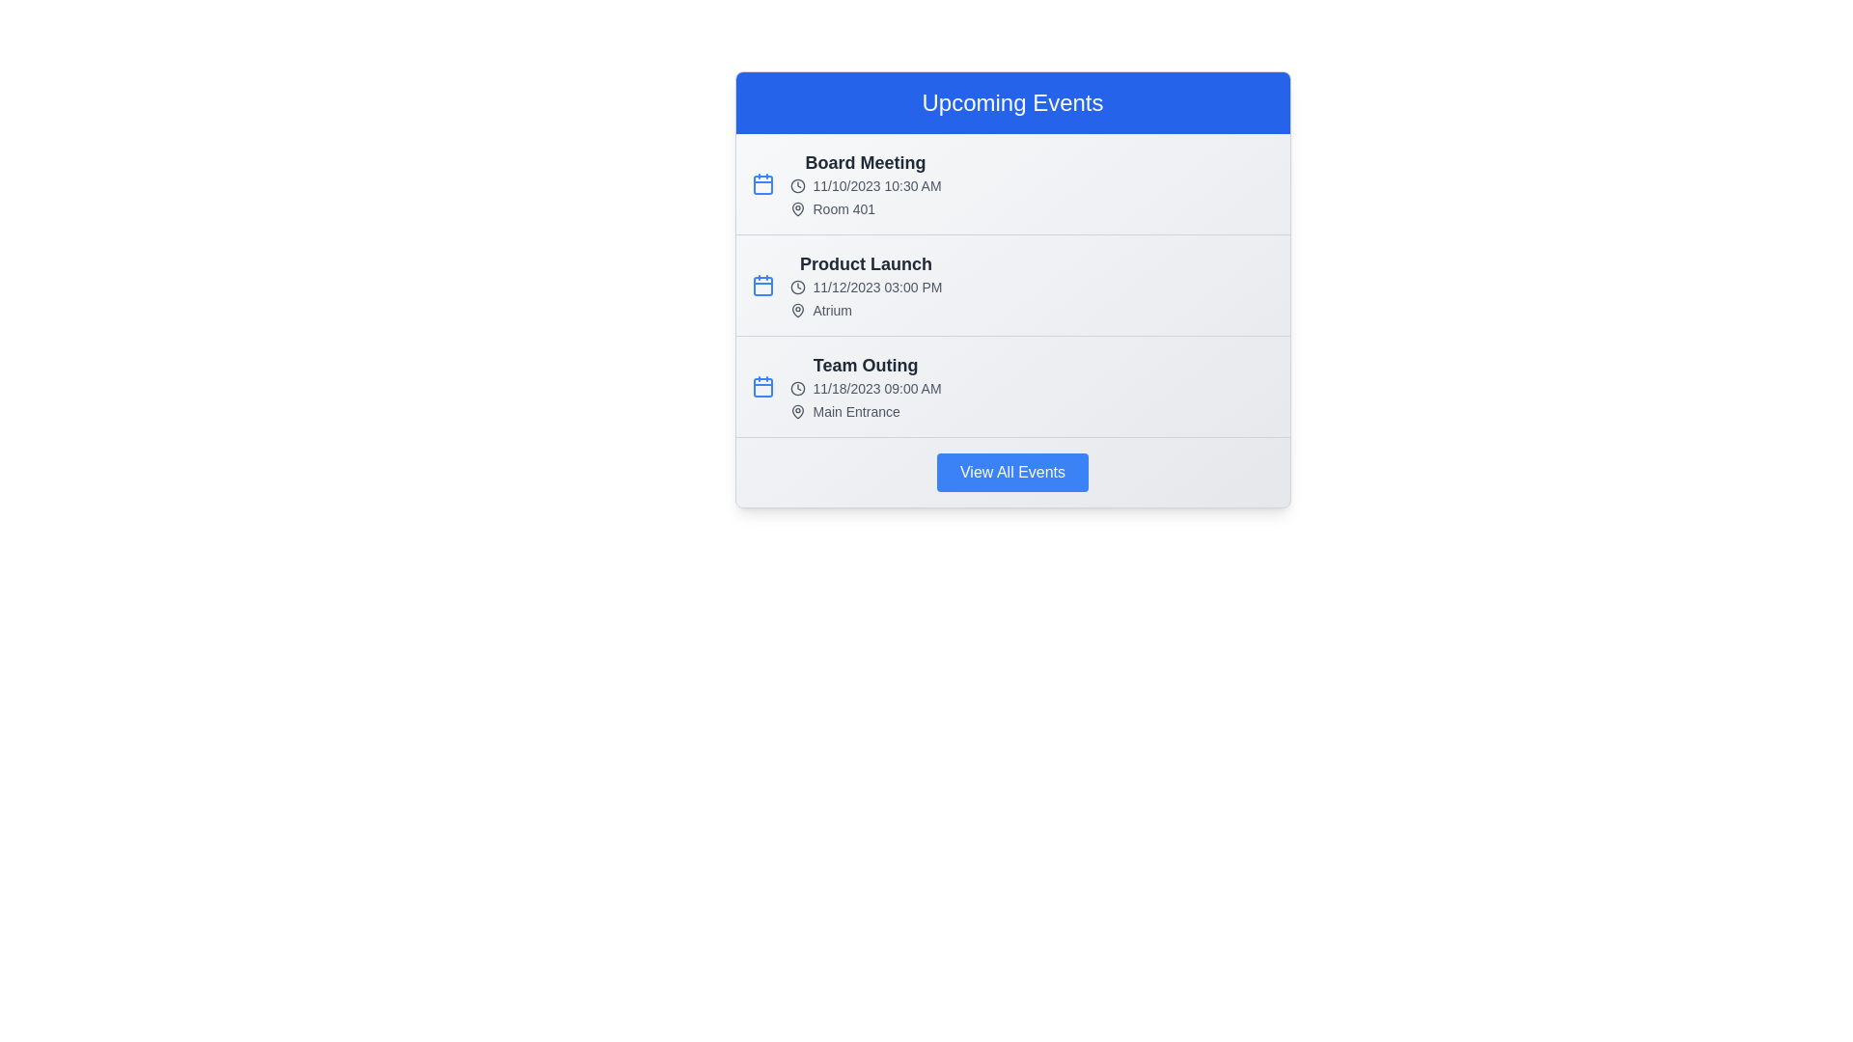 The width and height of the screenshot is (1853, 1042). Describe the element at coordinates (797, 208) in the screenshot. I see `the map pin icon located on the left side of the 'Room 401' text in the event information group` at that location.